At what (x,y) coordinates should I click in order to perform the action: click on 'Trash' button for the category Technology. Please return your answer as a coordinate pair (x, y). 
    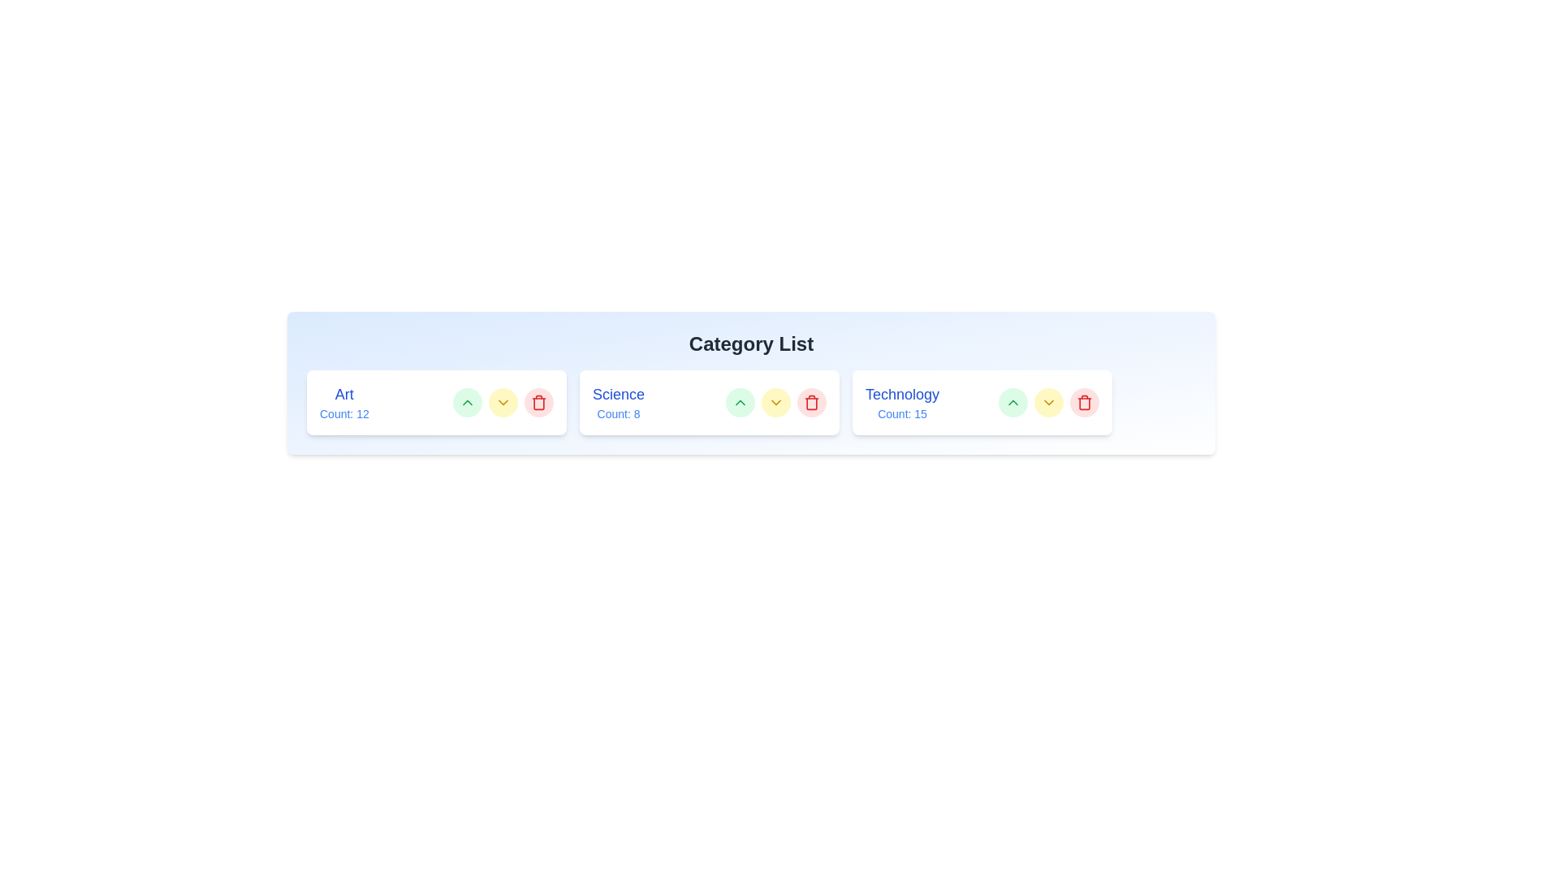
    Looking at the image, I should click on (1084, 402).